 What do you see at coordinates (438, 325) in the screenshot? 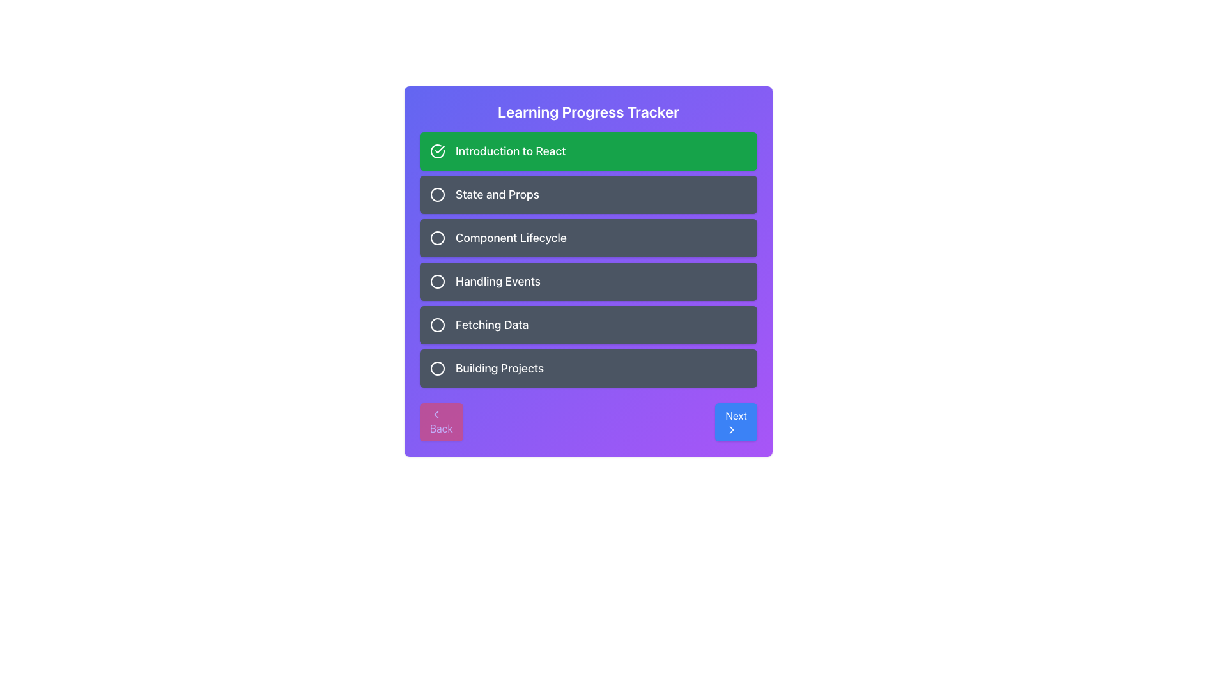
I see `the Circular Indicator (SVG Element) that marks the fourth item in the learning progress tracker checklist, which is positioned to the left of the 'Fetching Data' text` at bounding box center [438, 325].